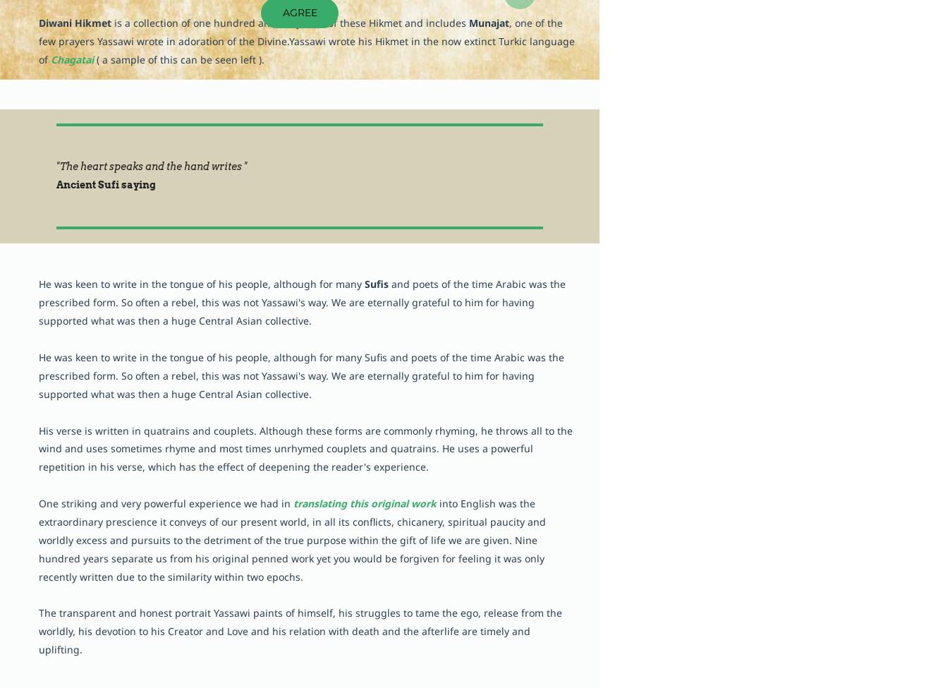  I want to click on 'He was keen to write in the tongue of his people, although for many Sufis and poets of the time Arabic was the prescribed form. So often a rebel, this was not Yassawi's way. We are eternally grateful to him for having supported what was then a huge Central Asian collective.', so click(300, 374).